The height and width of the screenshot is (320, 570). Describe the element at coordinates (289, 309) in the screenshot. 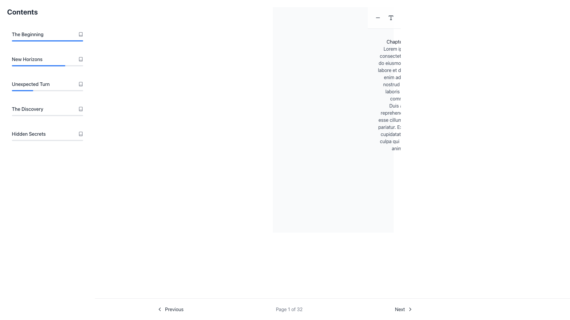

I see `the text label indicating the current page and total pages in the pagination system, which is centered horizontally in the bottom navigation panel between the 'Previous' and 'Next' buttons` at that location.